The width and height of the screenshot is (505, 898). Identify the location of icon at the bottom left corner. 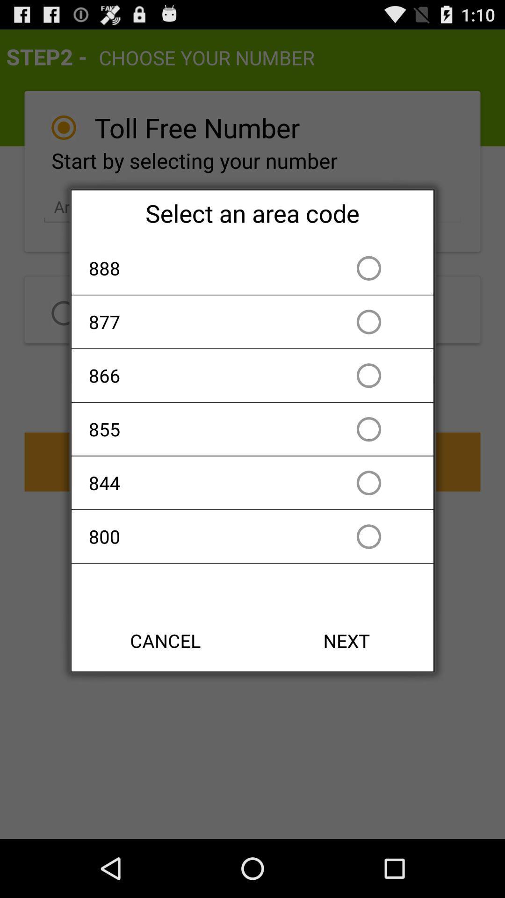
(165, 640).